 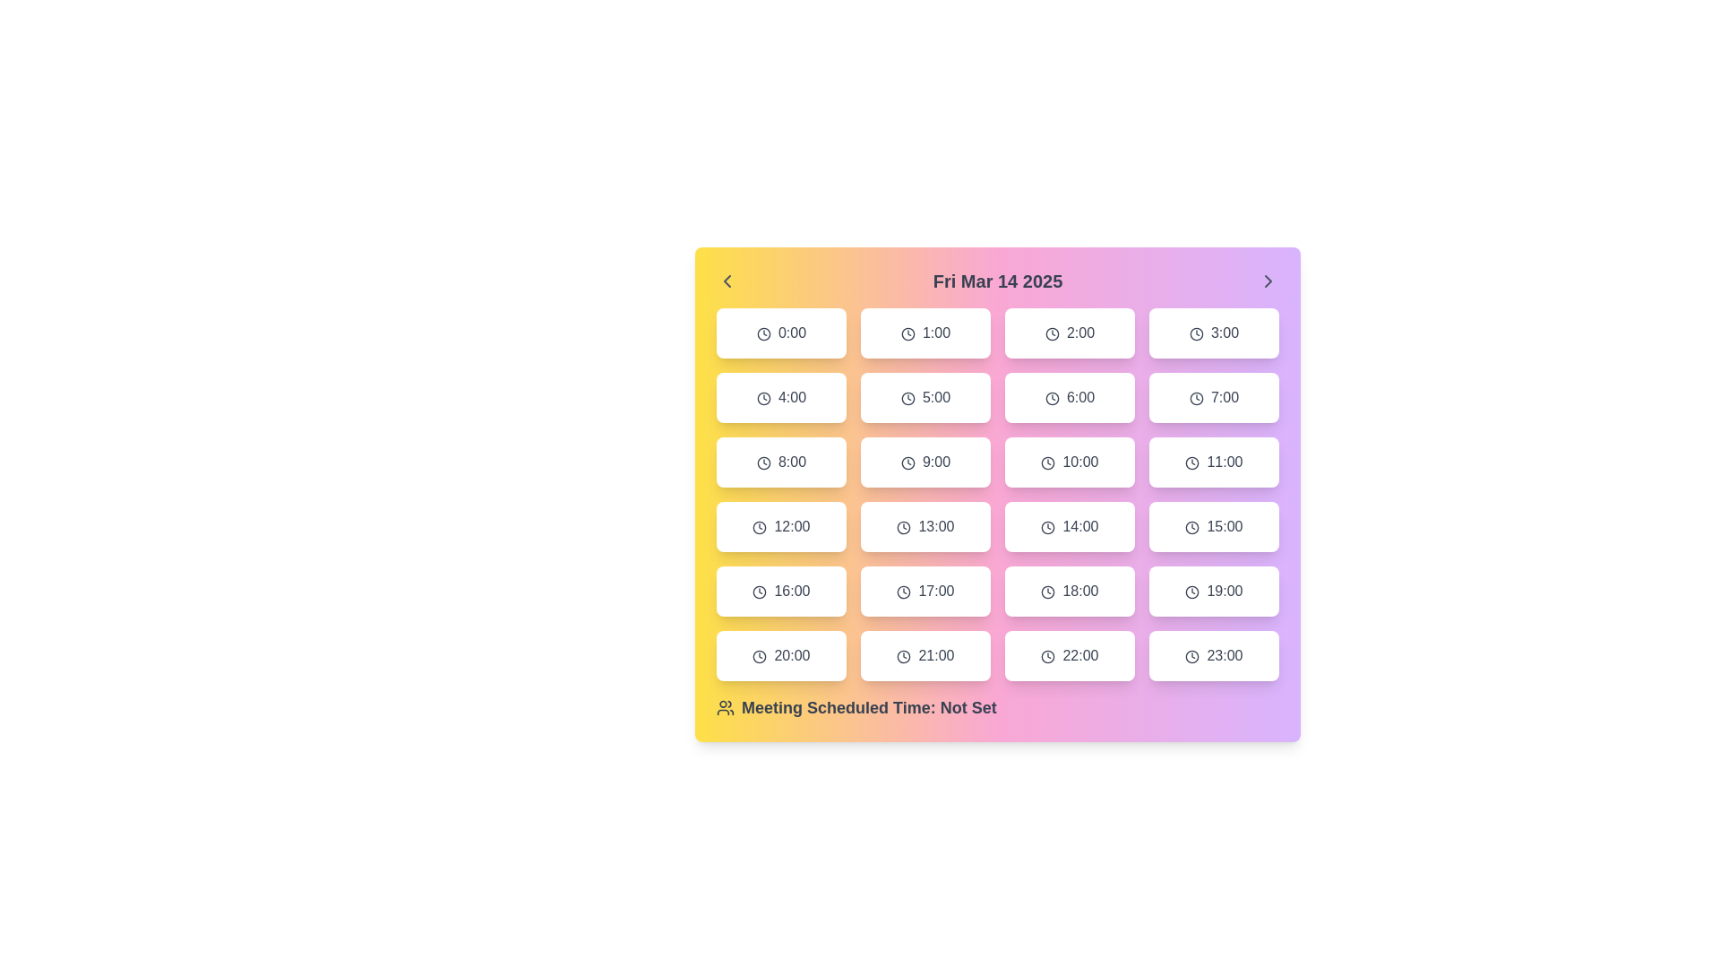 I want to click on the forward navigation button located on the far-right side of the header bar, next to the text 'Fri Mar 14 2025', so click(x=1268, y=281).